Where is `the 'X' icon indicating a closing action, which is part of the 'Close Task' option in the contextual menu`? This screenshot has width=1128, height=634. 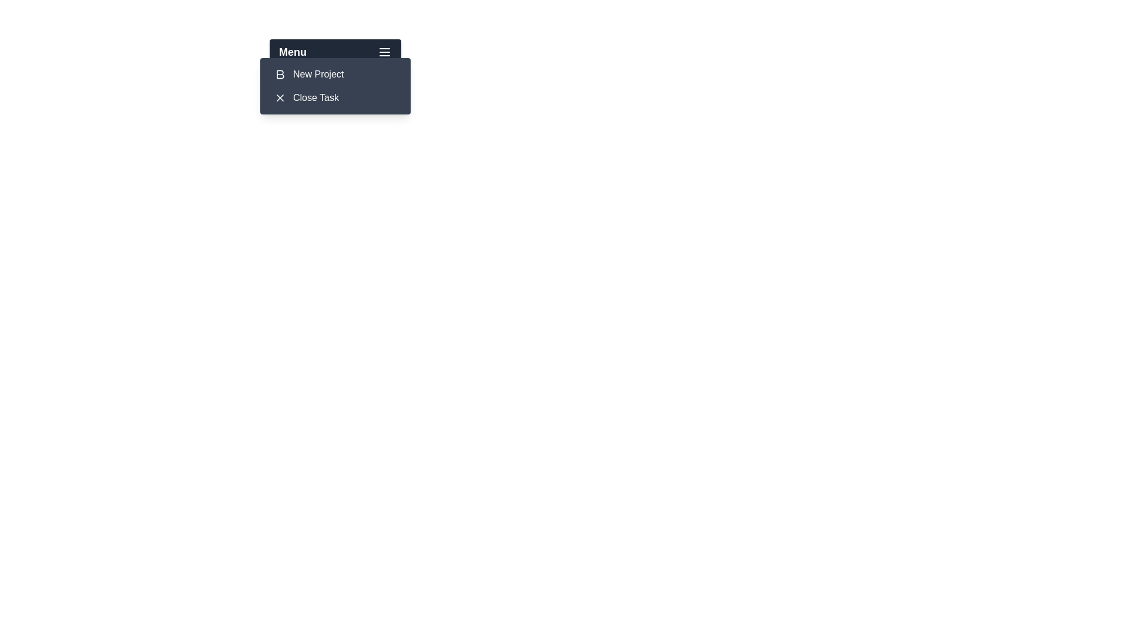 the 'X' icon indicating a closing action, which is part of the 'Close Task' option in the contextual menu is located at coordinates (279, 97).